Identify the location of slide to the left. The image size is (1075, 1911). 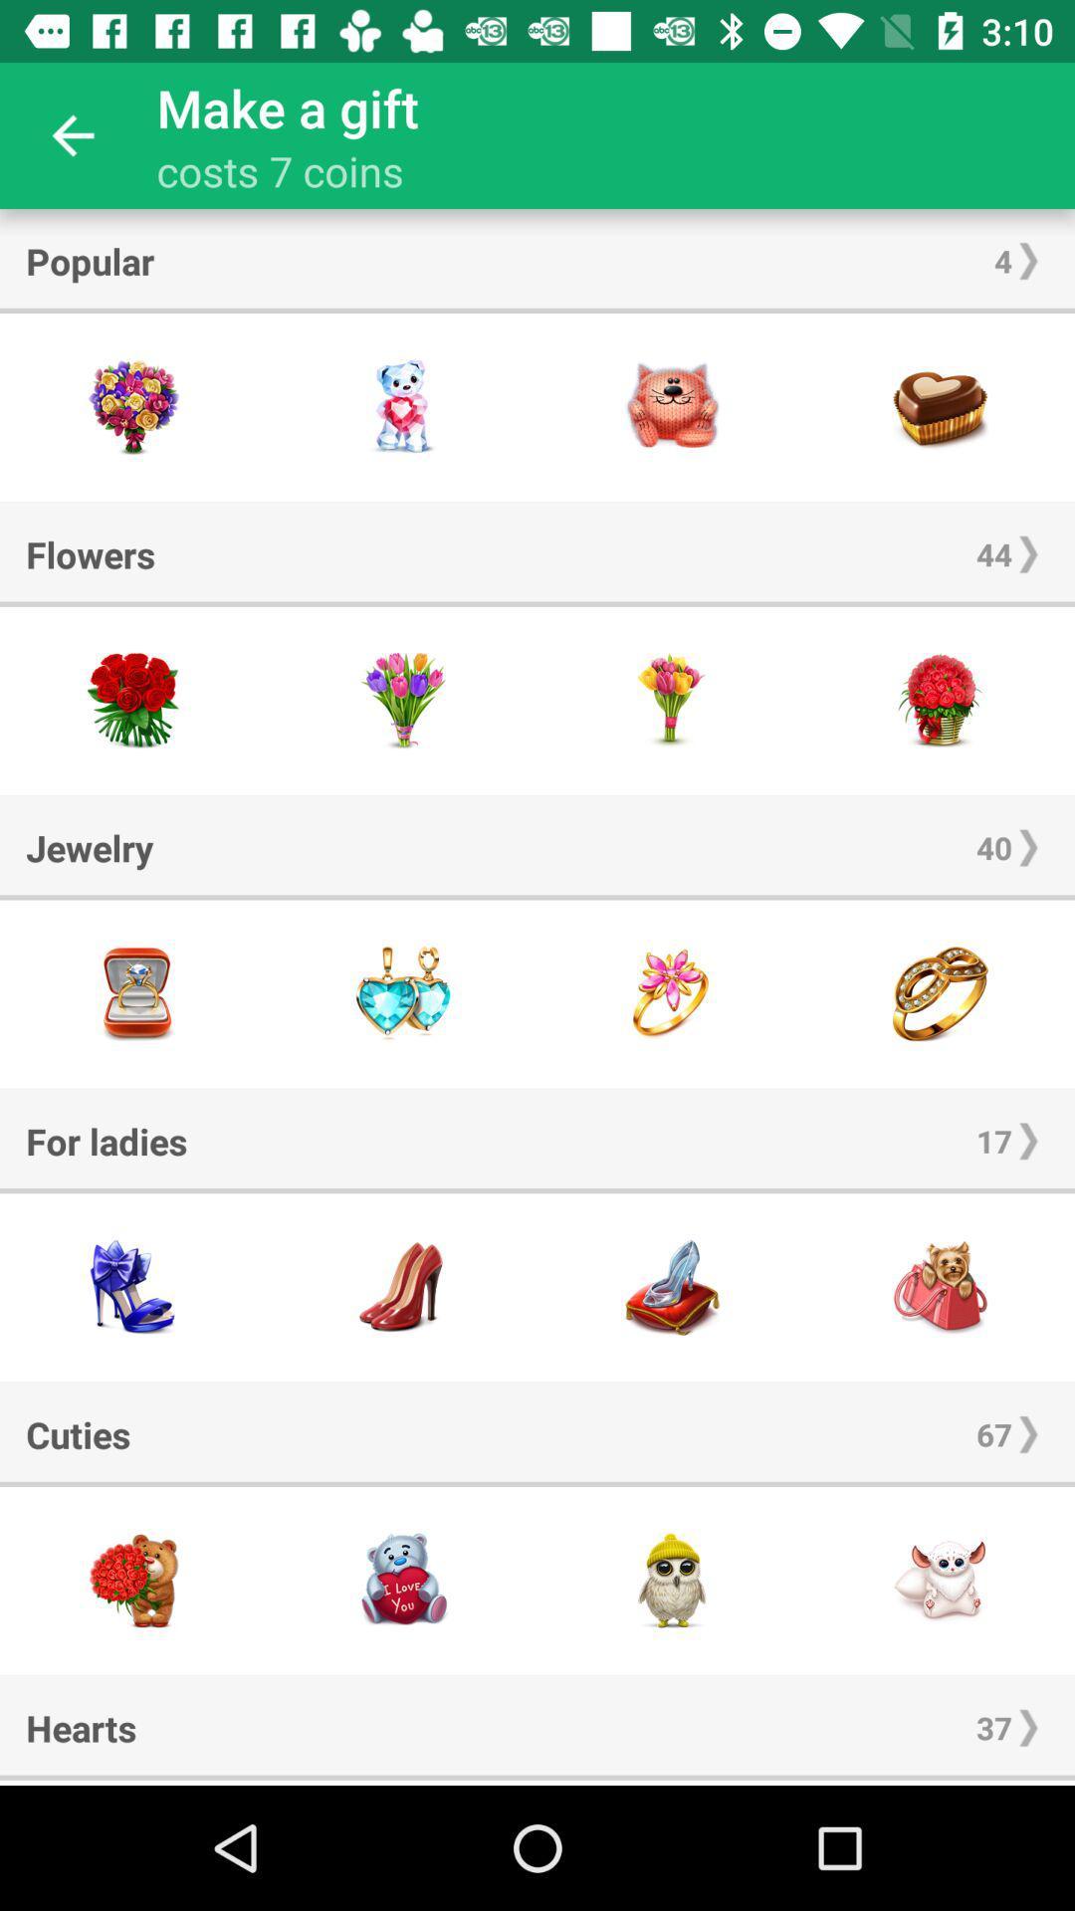
(403, 1783).